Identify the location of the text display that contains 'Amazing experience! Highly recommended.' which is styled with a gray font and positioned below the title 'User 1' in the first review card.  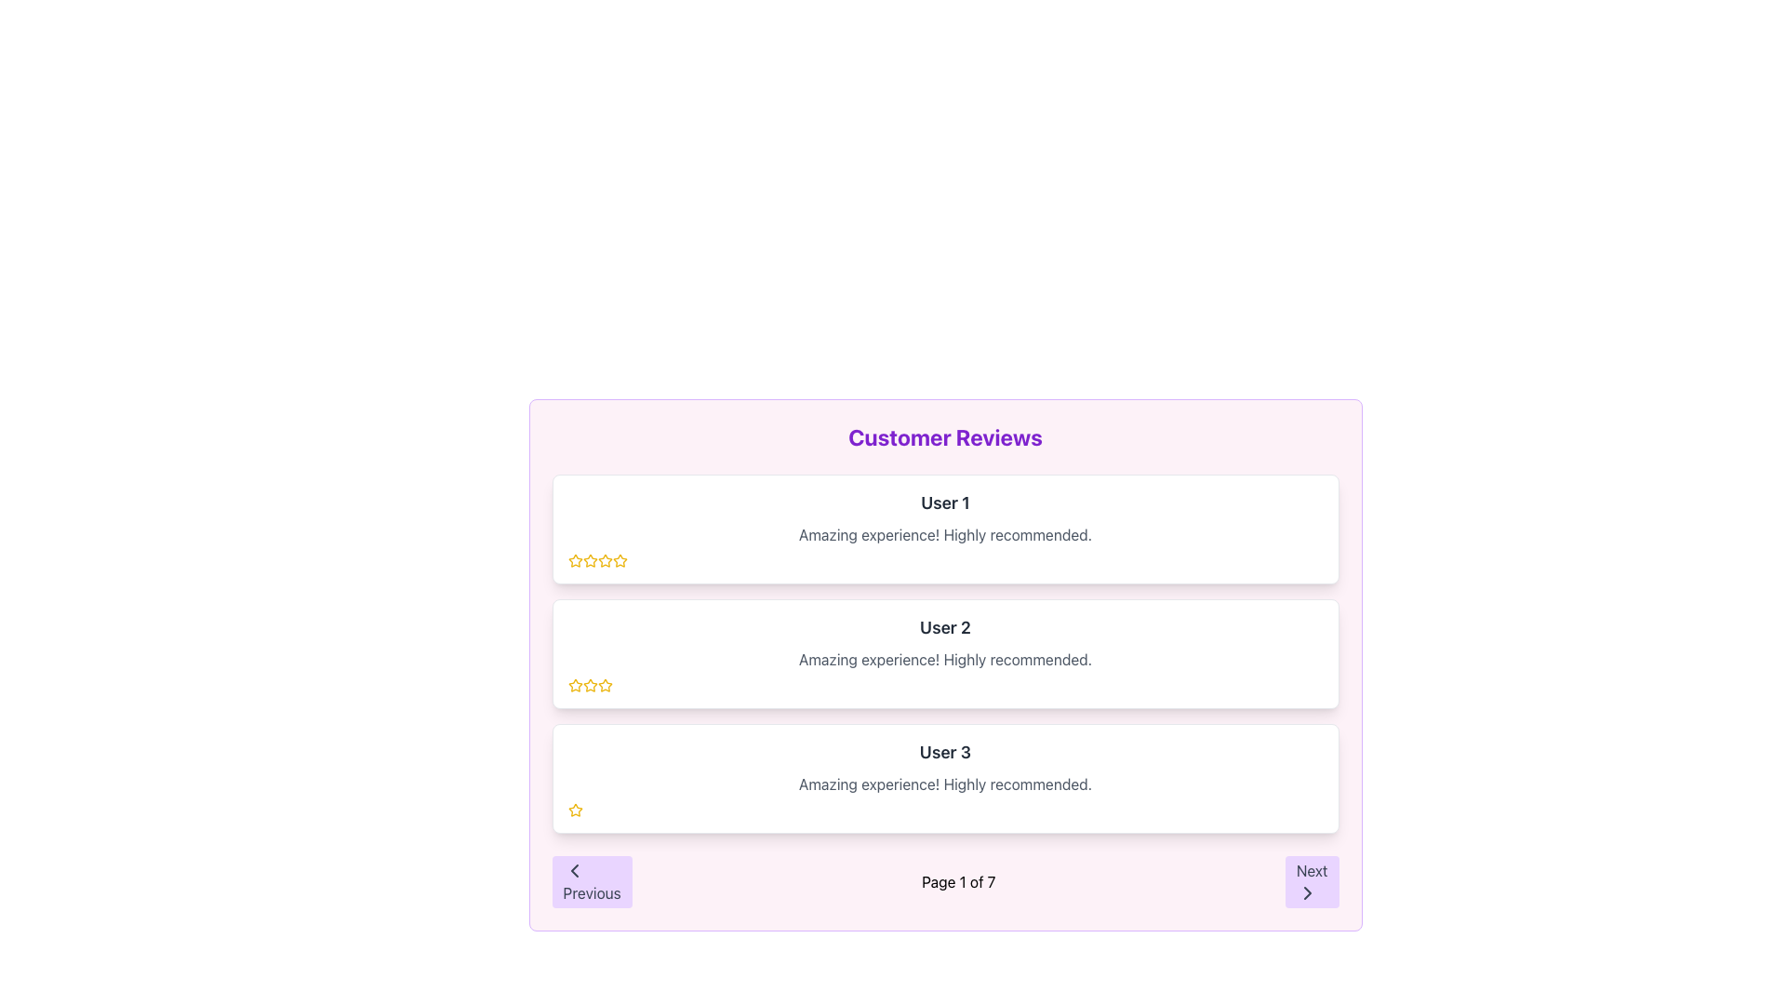
(945, 534).